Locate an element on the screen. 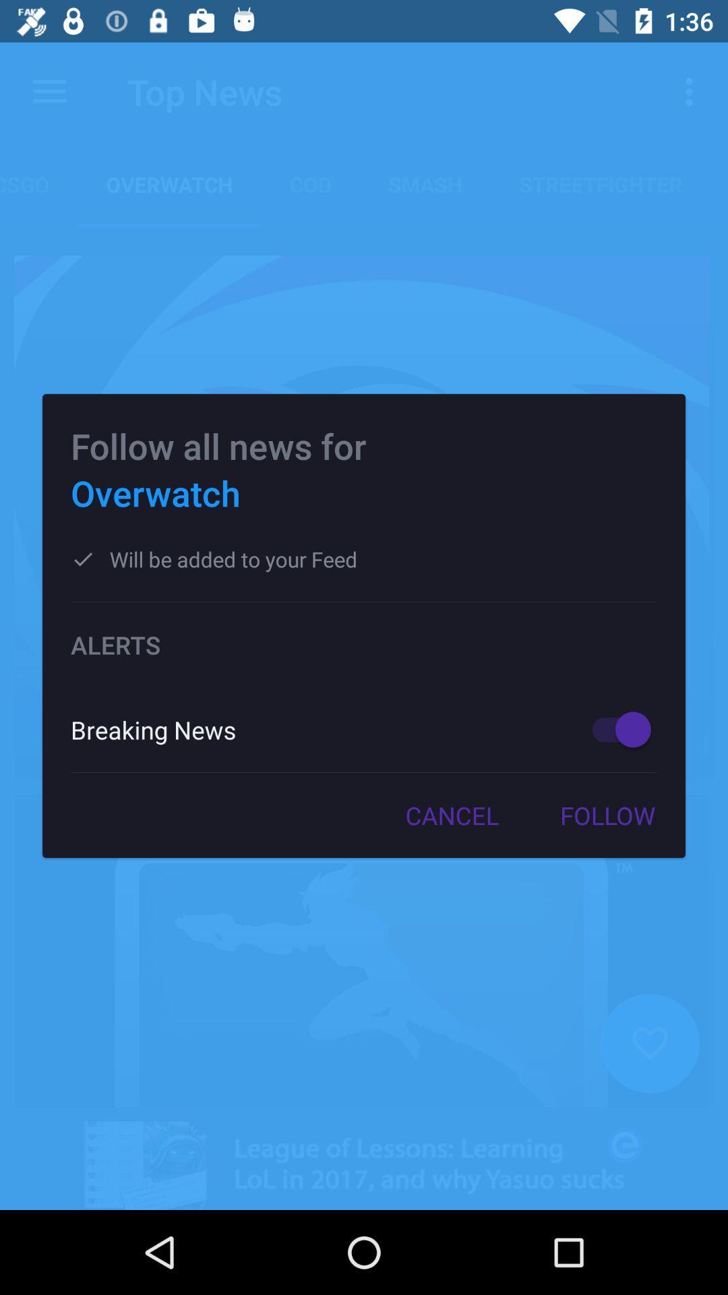 The width and height of the screenshot is (728, 1295). breaking news on or off is located at coordinates (615, 728).